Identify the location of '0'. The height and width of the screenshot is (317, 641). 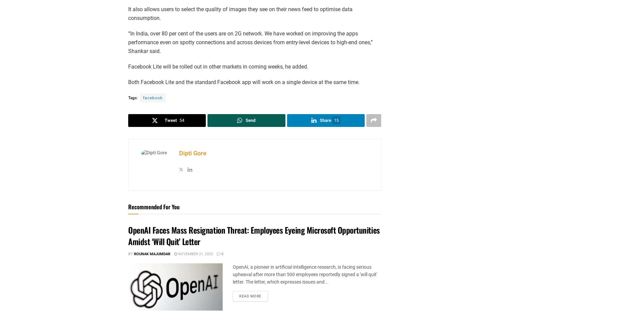
(222, 254).